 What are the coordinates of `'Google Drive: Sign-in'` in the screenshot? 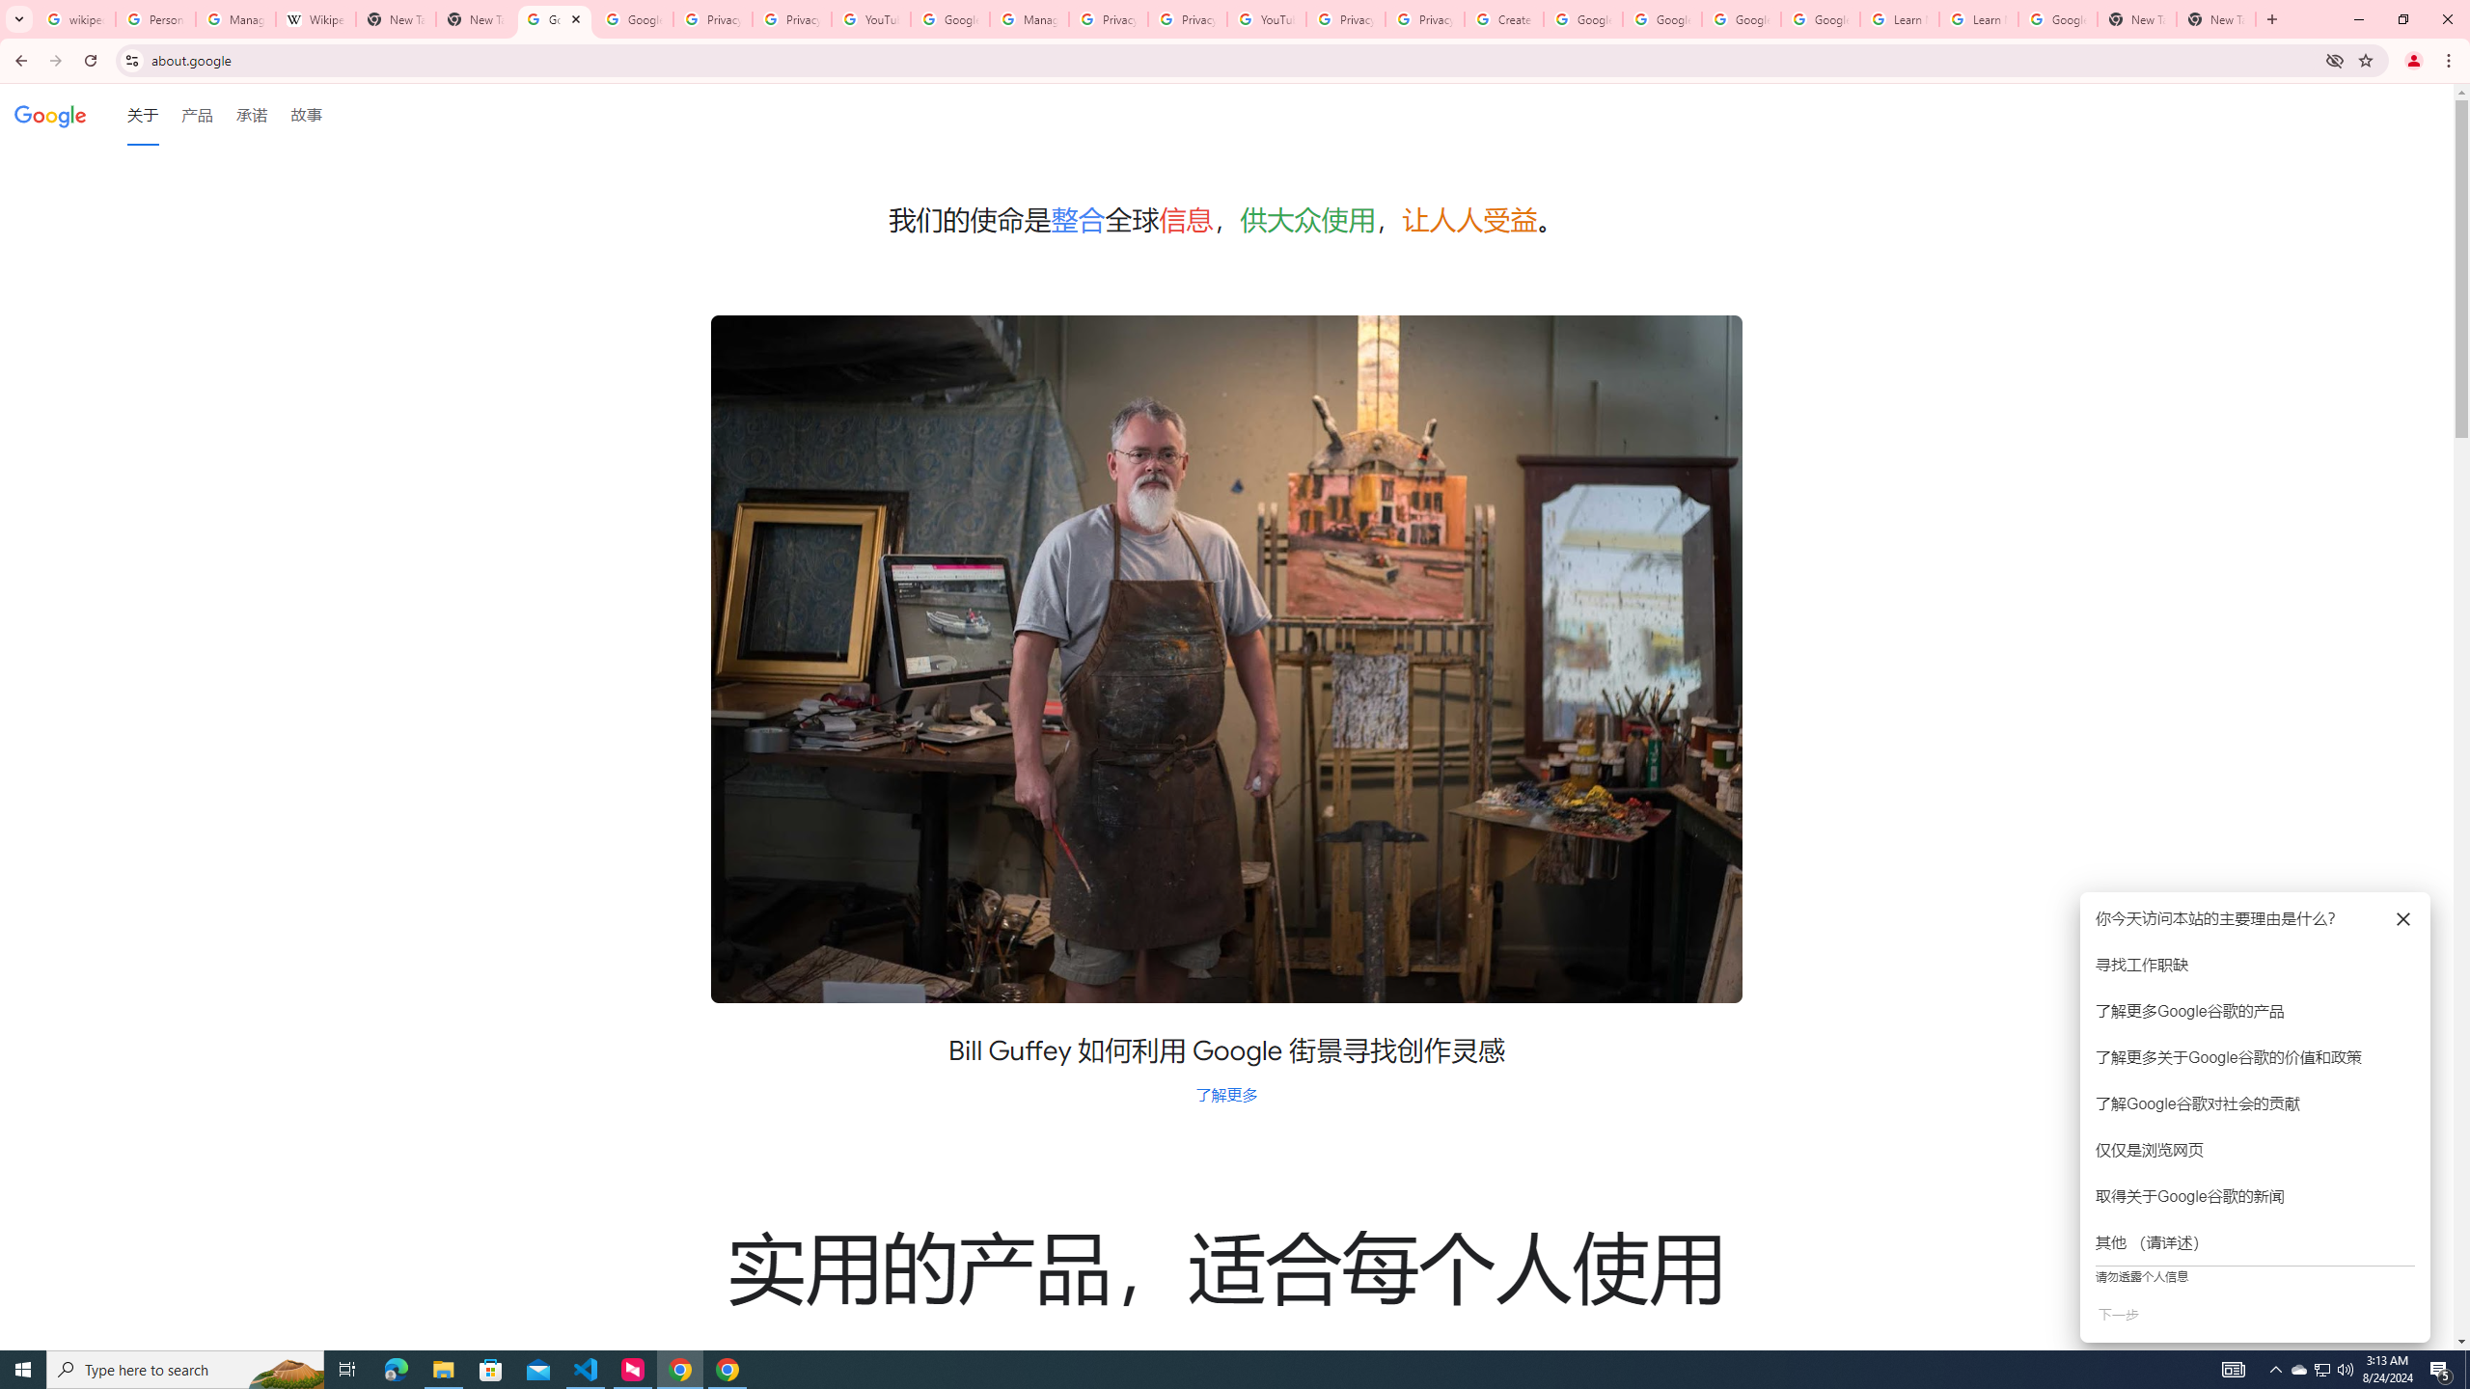 It's located at (633, 18).